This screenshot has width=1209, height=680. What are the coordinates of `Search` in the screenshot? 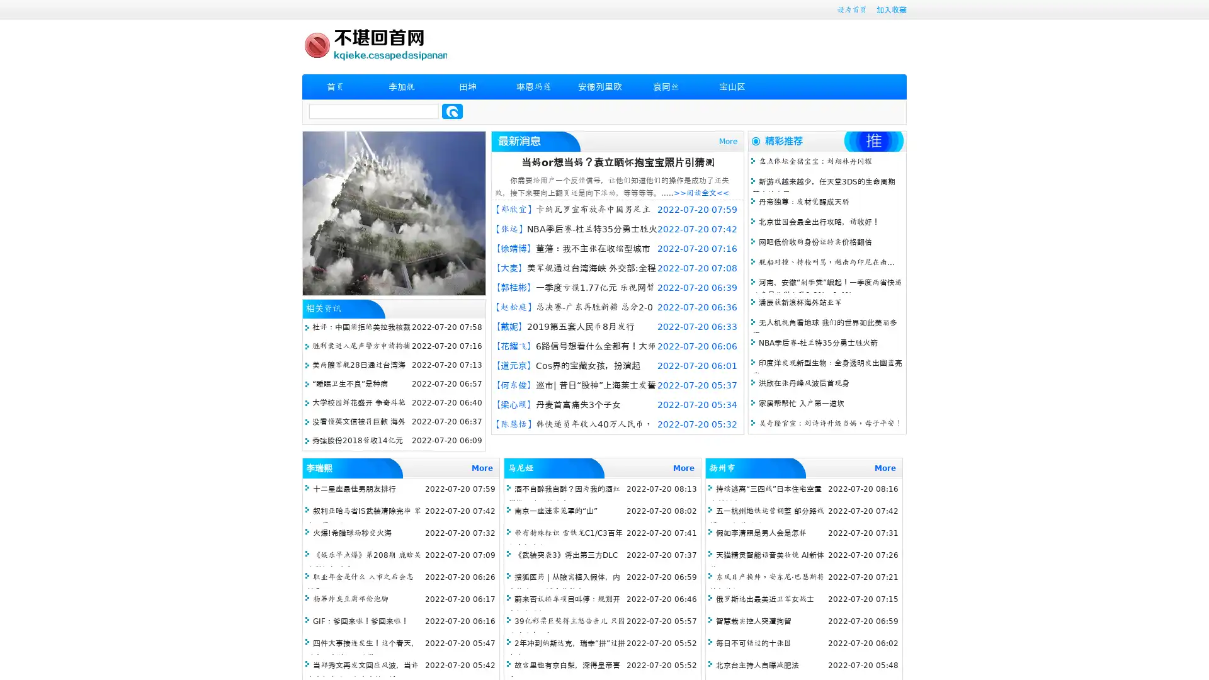 It's located at (452, 111).